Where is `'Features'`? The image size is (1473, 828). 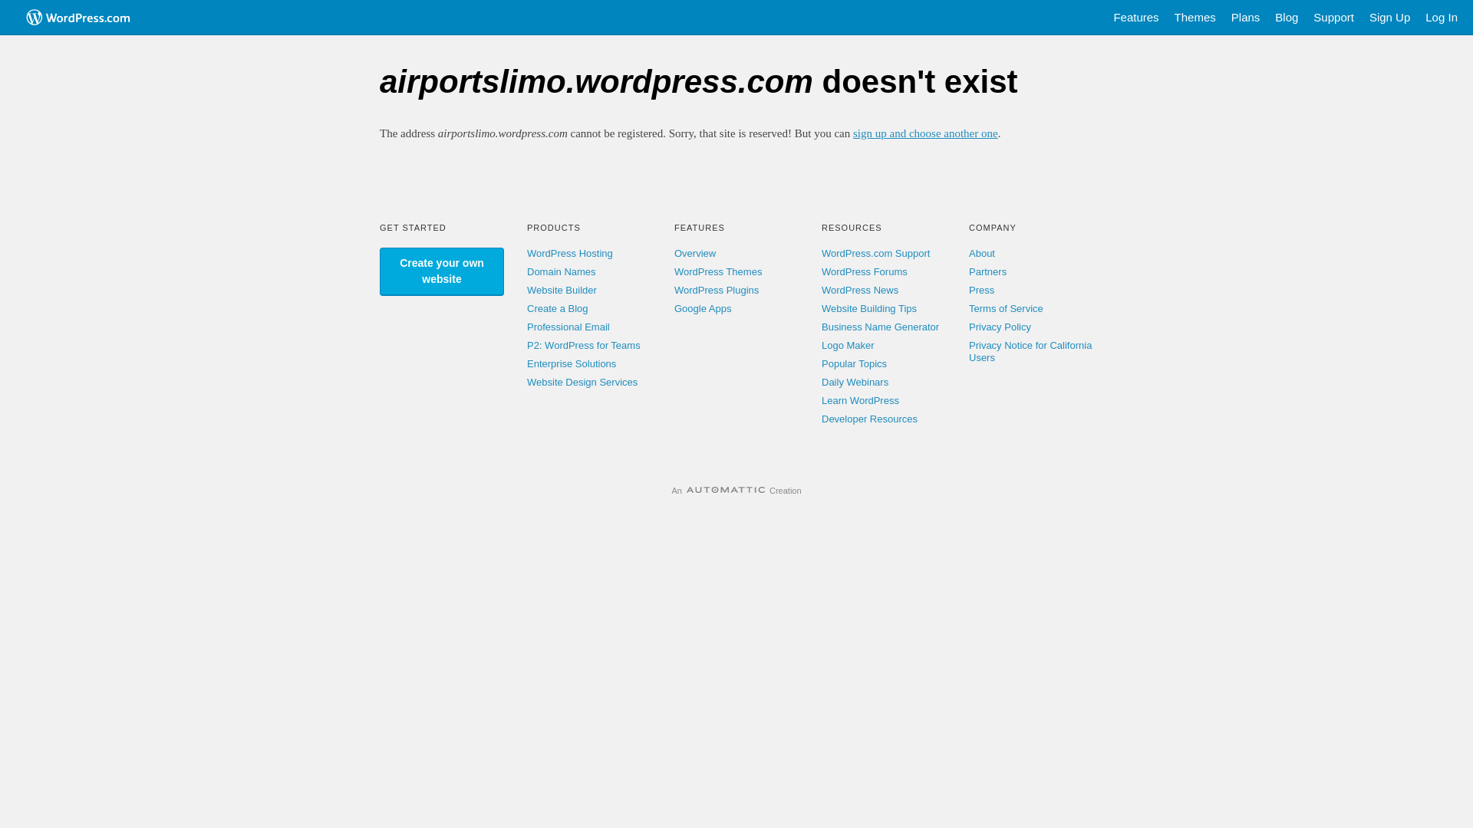 'Features' is located at coordinates (1105, 18).